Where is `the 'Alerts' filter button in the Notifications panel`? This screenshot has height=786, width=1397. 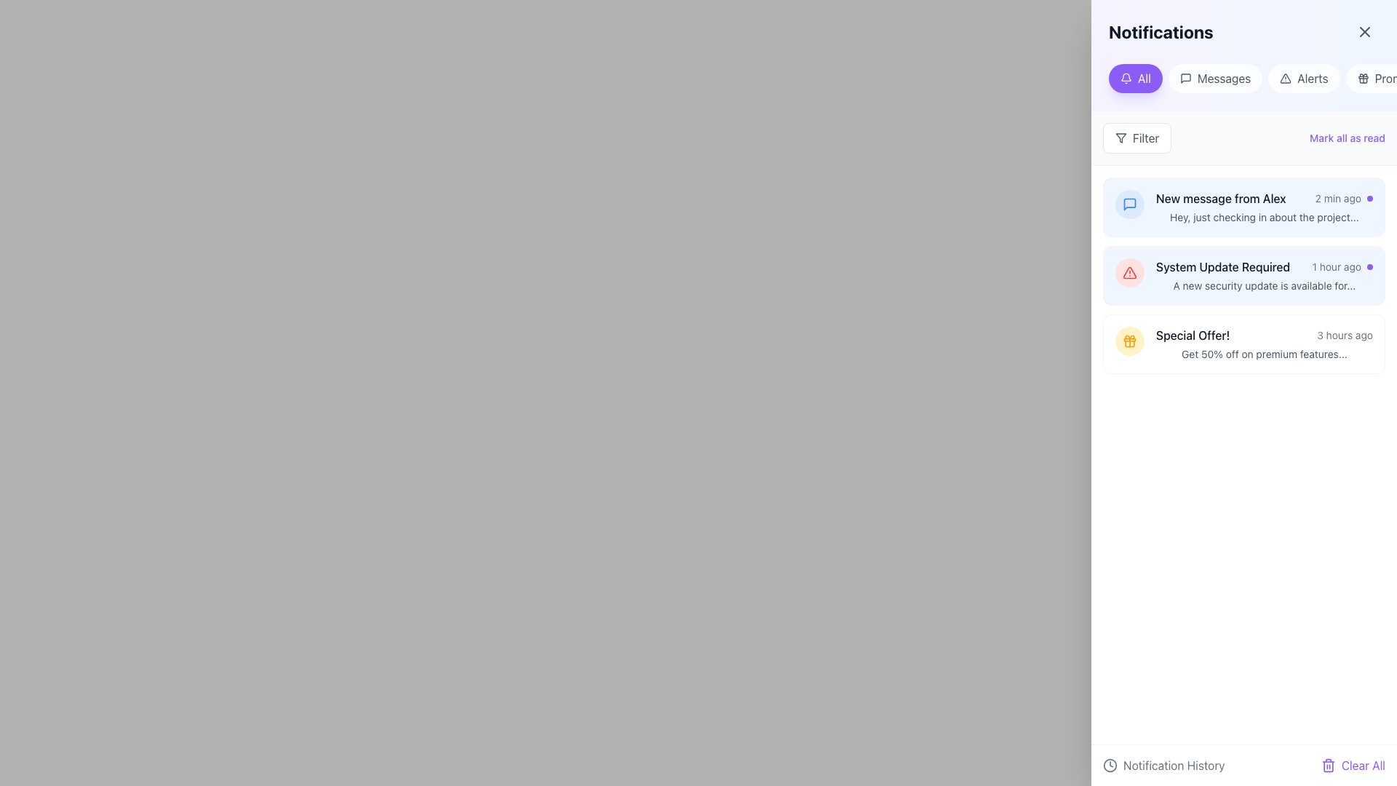
the 'Alerts' filter button in the Notifications panel is located at coordinates (1313, 79).